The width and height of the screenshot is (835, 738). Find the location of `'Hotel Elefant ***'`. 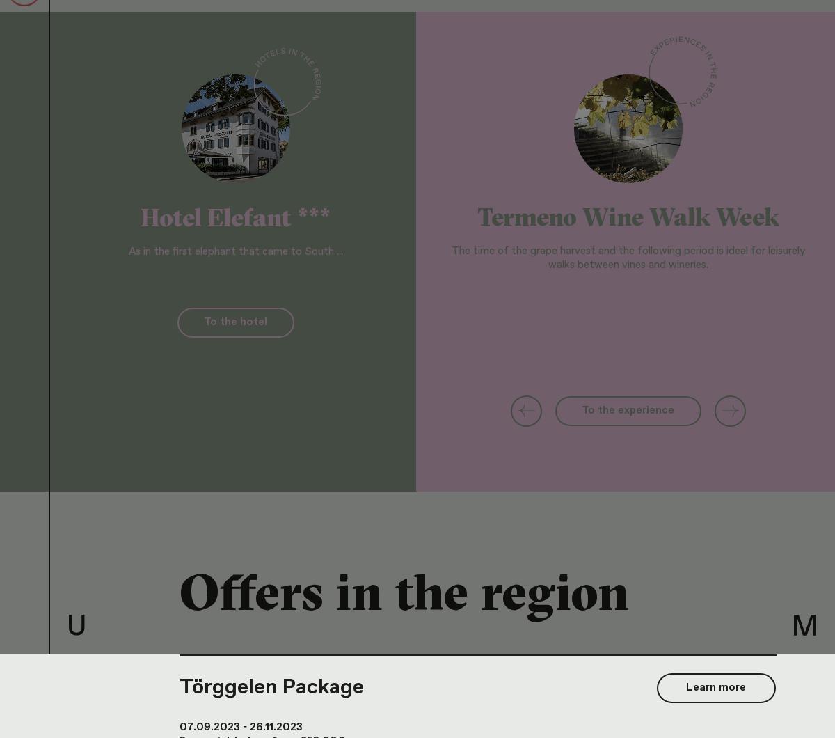

'Hotel Elefant ***' is located at coordinates (234, 217).